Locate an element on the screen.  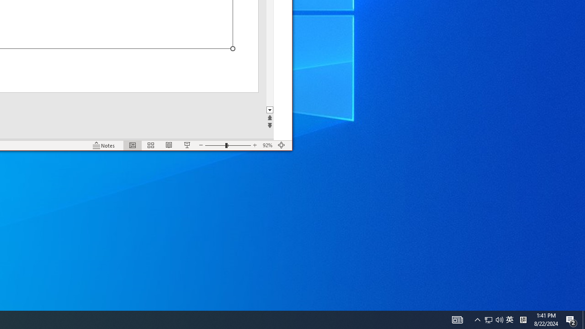
'Zoom 92%' is located at coordinates (267, 145).